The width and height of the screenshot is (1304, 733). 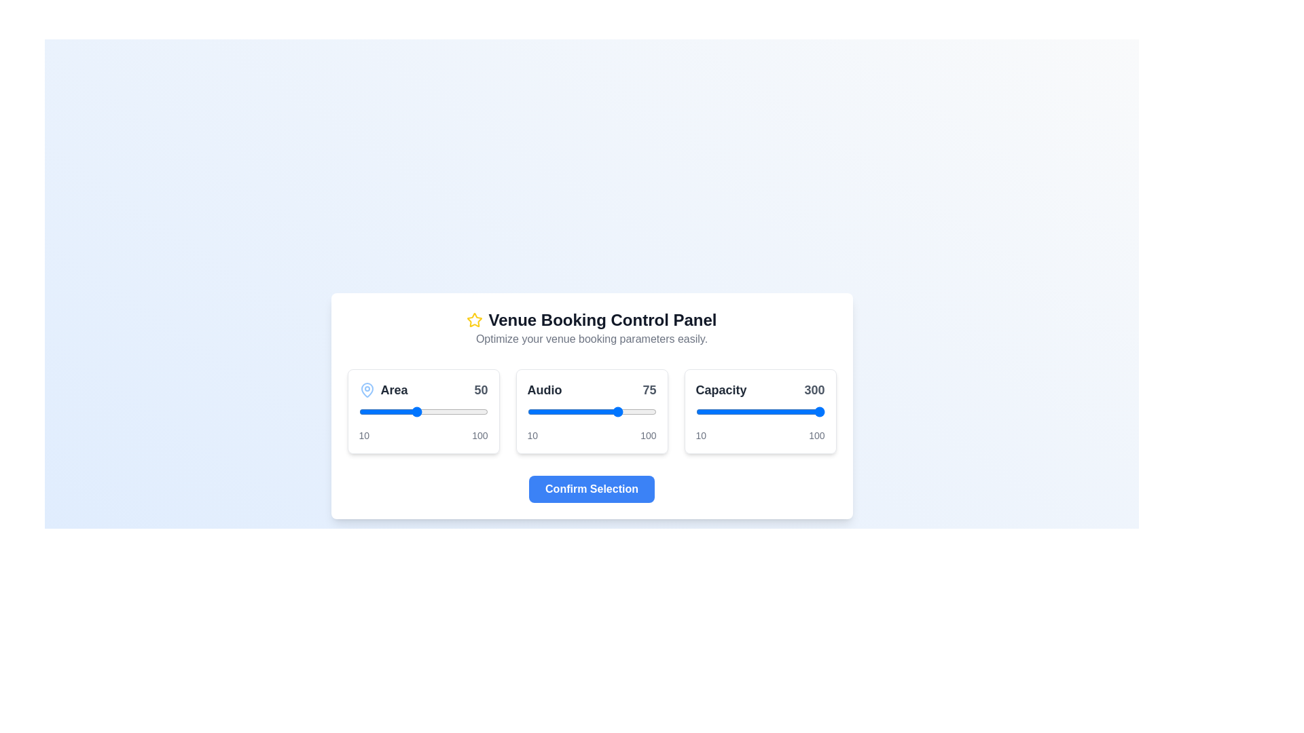 I want to click on the audio level, so click(x=608, y=411).